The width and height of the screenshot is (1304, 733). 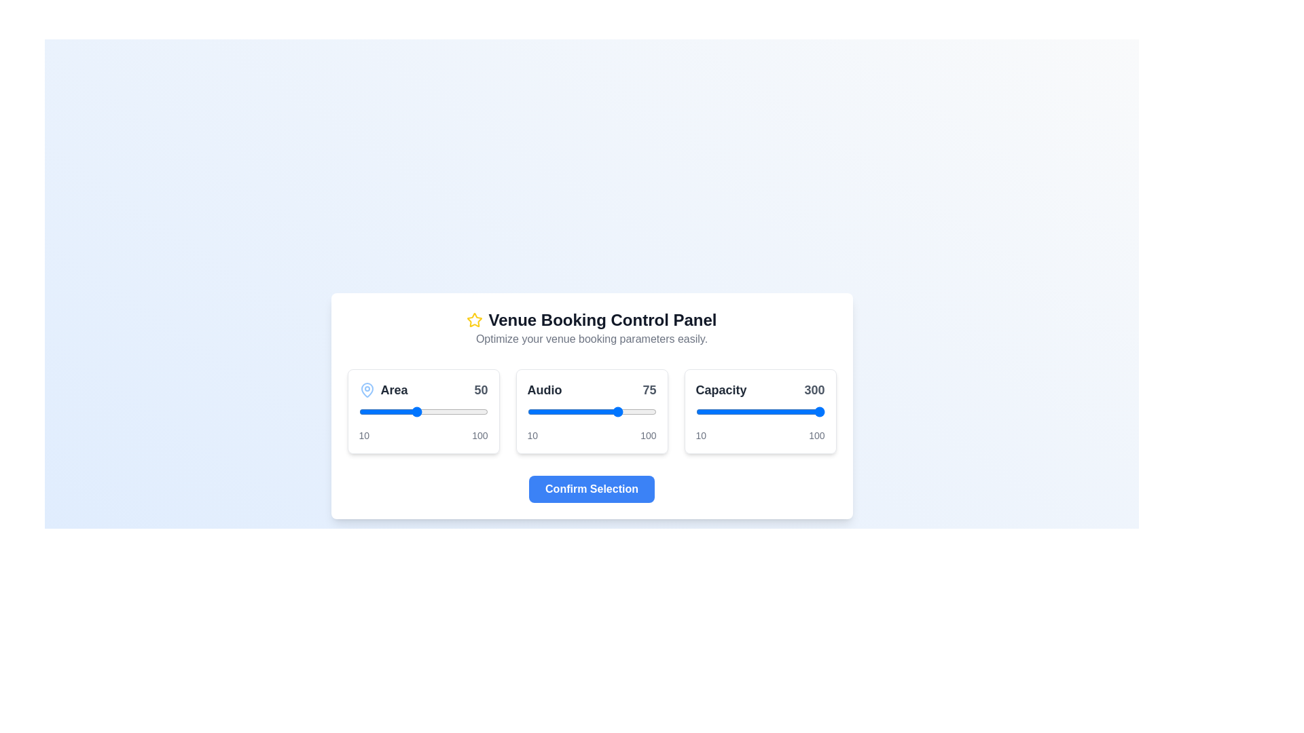 I want to click on the audio level, so click(x=608, y=411).